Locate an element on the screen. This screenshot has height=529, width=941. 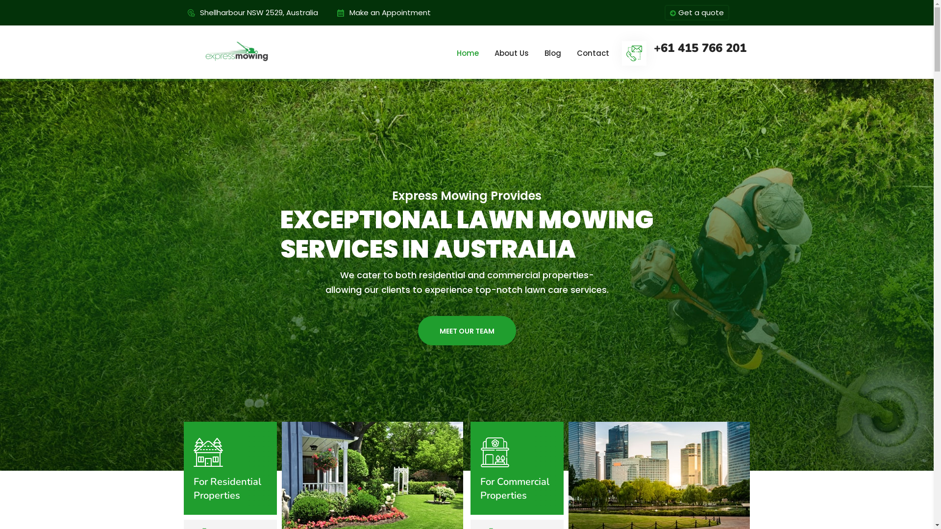
'+61 415 766 201' is located at coordinates (654, 48).